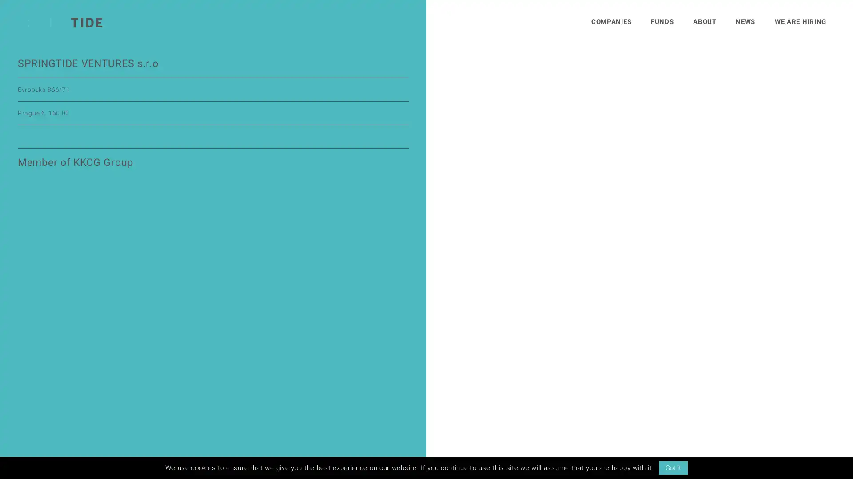 This screenshot has width=853, height=479. I want to click on Got it, so click(673, 467).